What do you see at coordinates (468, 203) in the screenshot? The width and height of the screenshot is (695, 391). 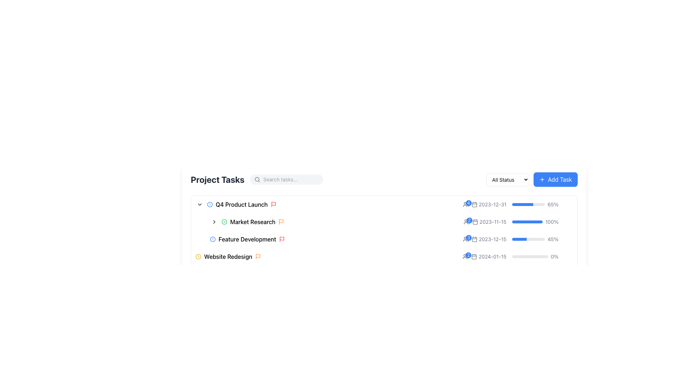 I see `the small circular badge displaying the number '4' with a blue background, located at the upper-right corner of the grouped users icon in the task information column` at bounding box center [468, 203].